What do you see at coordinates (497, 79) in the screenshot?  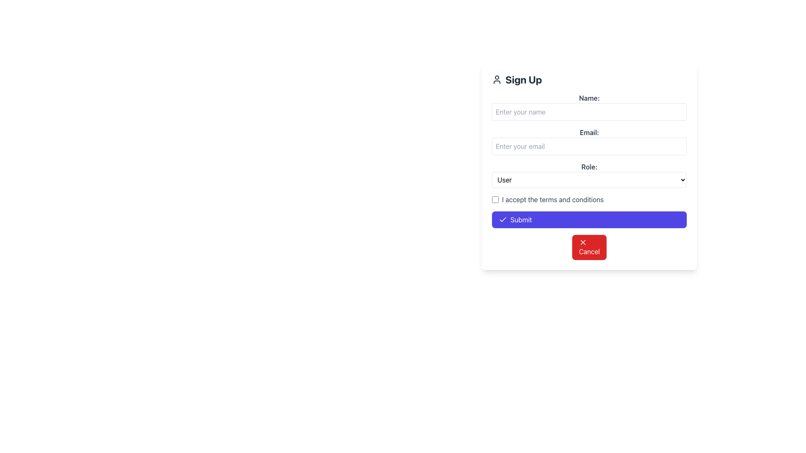 I see `the icon located to the left of the 'Sign Up' text in the Sign Up section of the form` at bounding box center [497, 79].